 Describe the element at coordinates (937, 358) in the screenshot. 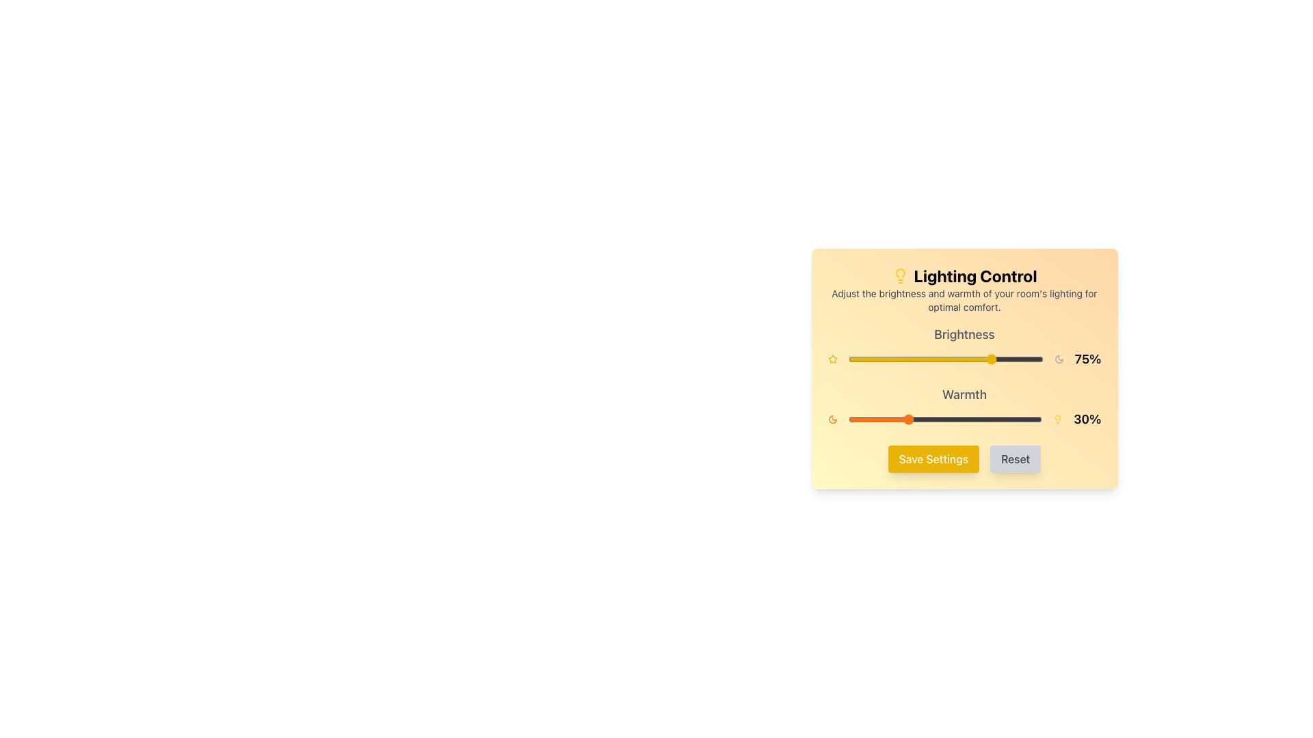

I see `the brightness` at that location.